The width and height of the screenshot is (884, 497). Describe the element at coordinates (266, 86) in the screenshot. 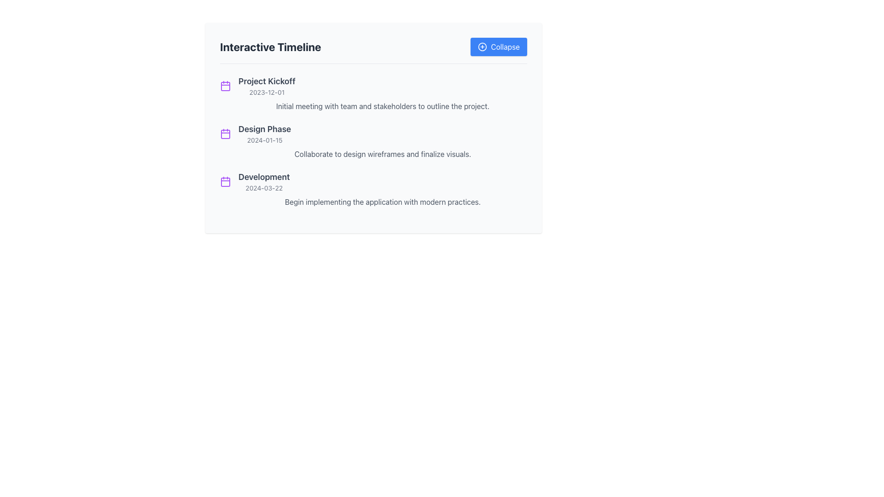

I see `text element titled 'Project Kickoff' with the date '2023-12-01', which is the first item in the timeline list` at that location.